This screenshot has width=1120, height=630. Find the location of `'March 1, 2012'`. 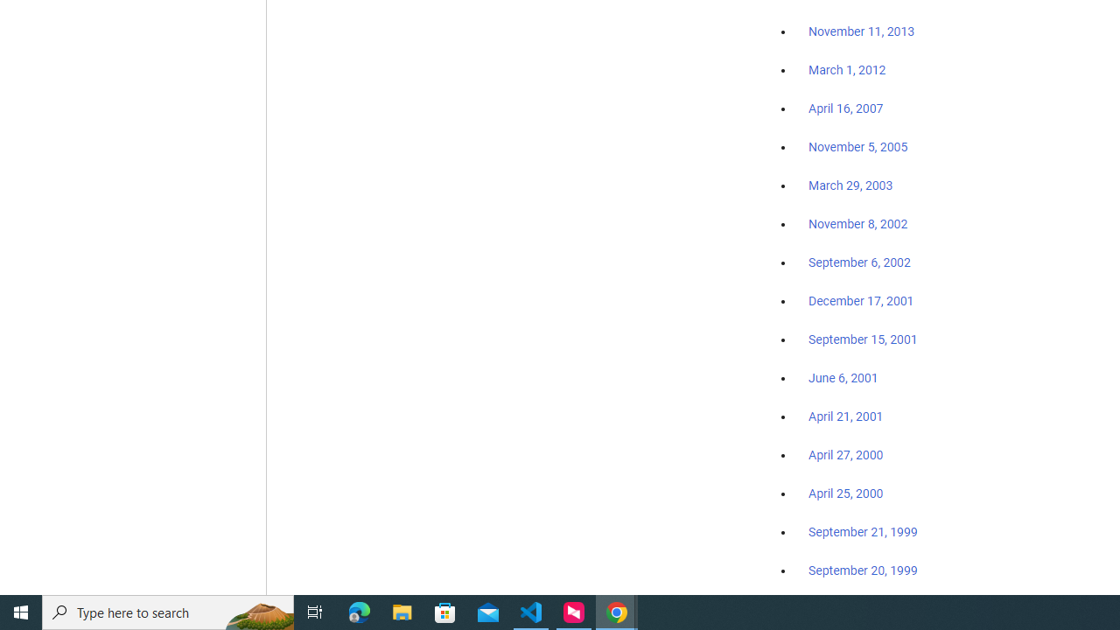

'March 1, 2012' is located at coordinates (847, 70).